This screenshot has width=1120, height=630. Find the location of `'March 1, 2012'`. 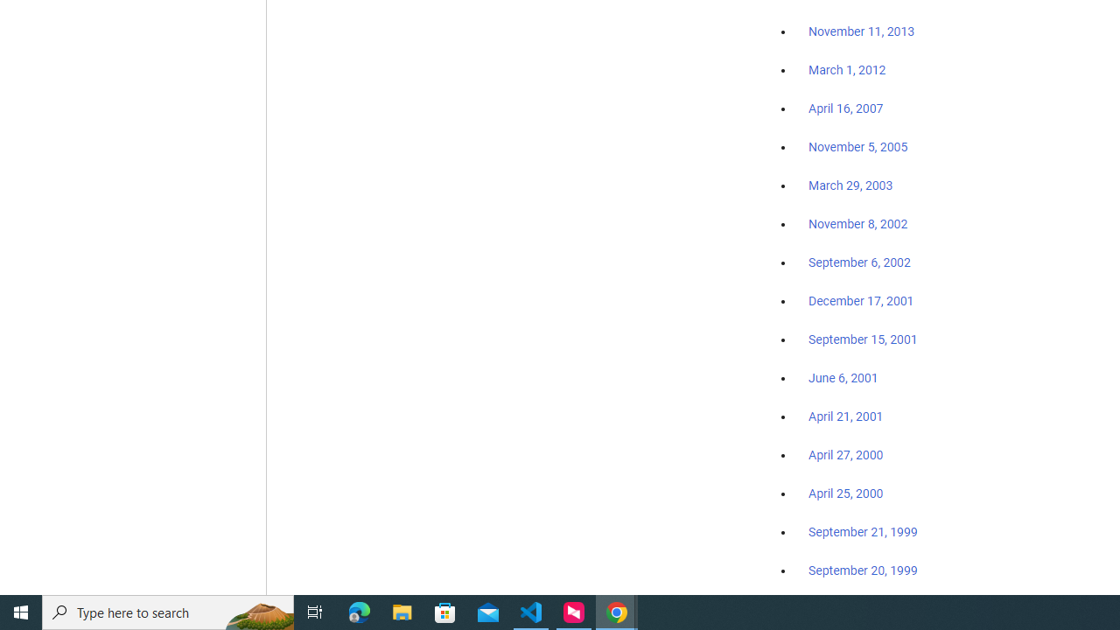

'March 1, 2012' is located at coordinates (847, 70).